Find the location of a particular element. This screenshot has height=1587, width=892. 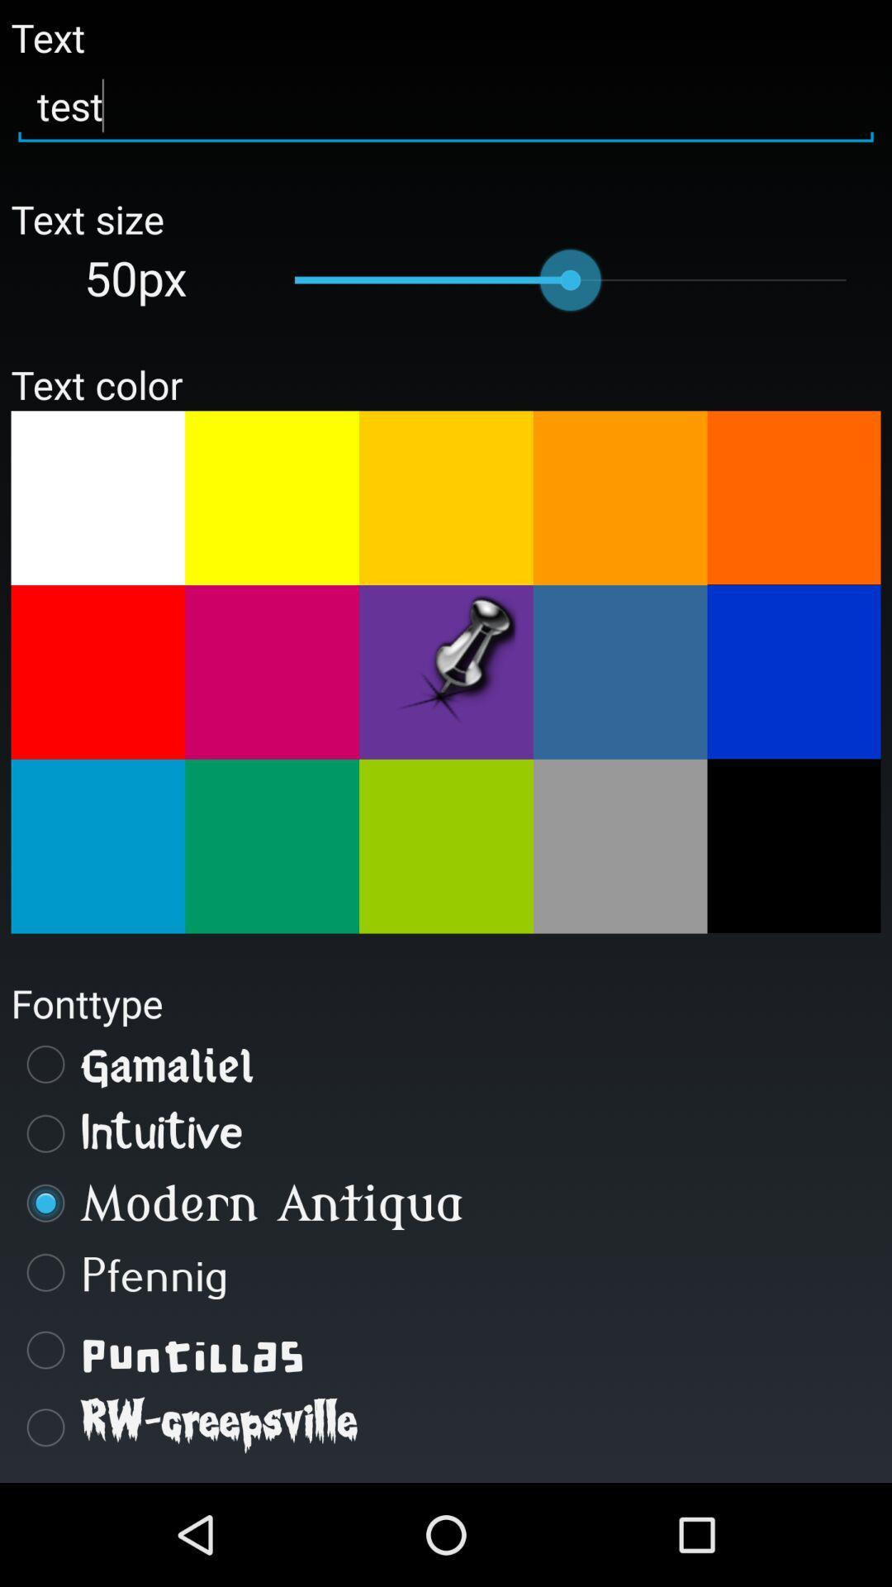

the yellow color image is located at coordinates (271, 497).